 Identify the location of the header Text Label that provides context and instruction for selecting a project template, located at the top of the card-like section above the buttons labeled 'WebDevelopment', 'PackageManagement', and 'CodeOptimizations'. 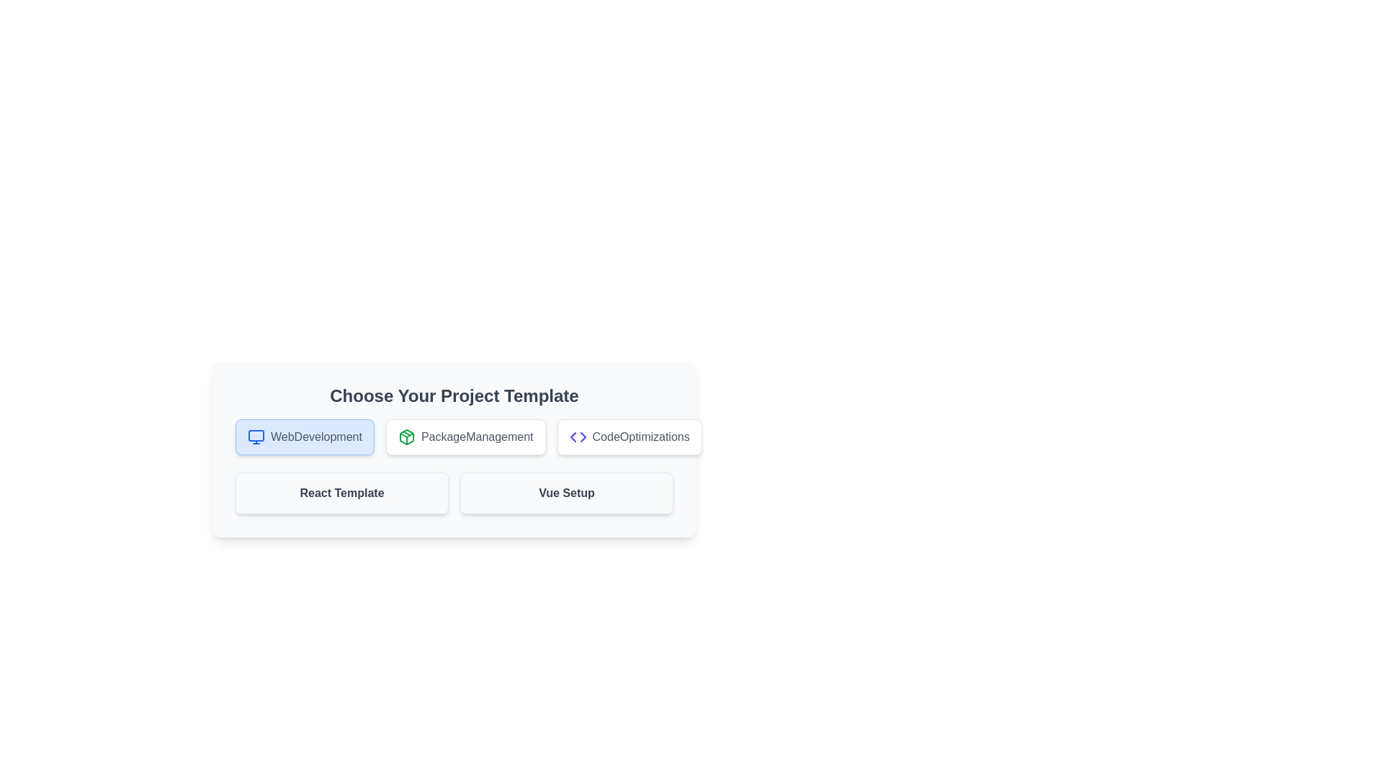
(453, 396).